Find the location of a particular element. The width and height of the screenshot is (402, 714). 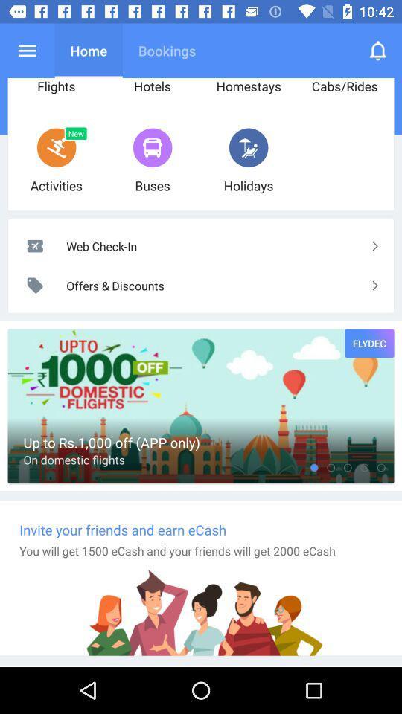

flydec item is located at coordinates (368, 343).